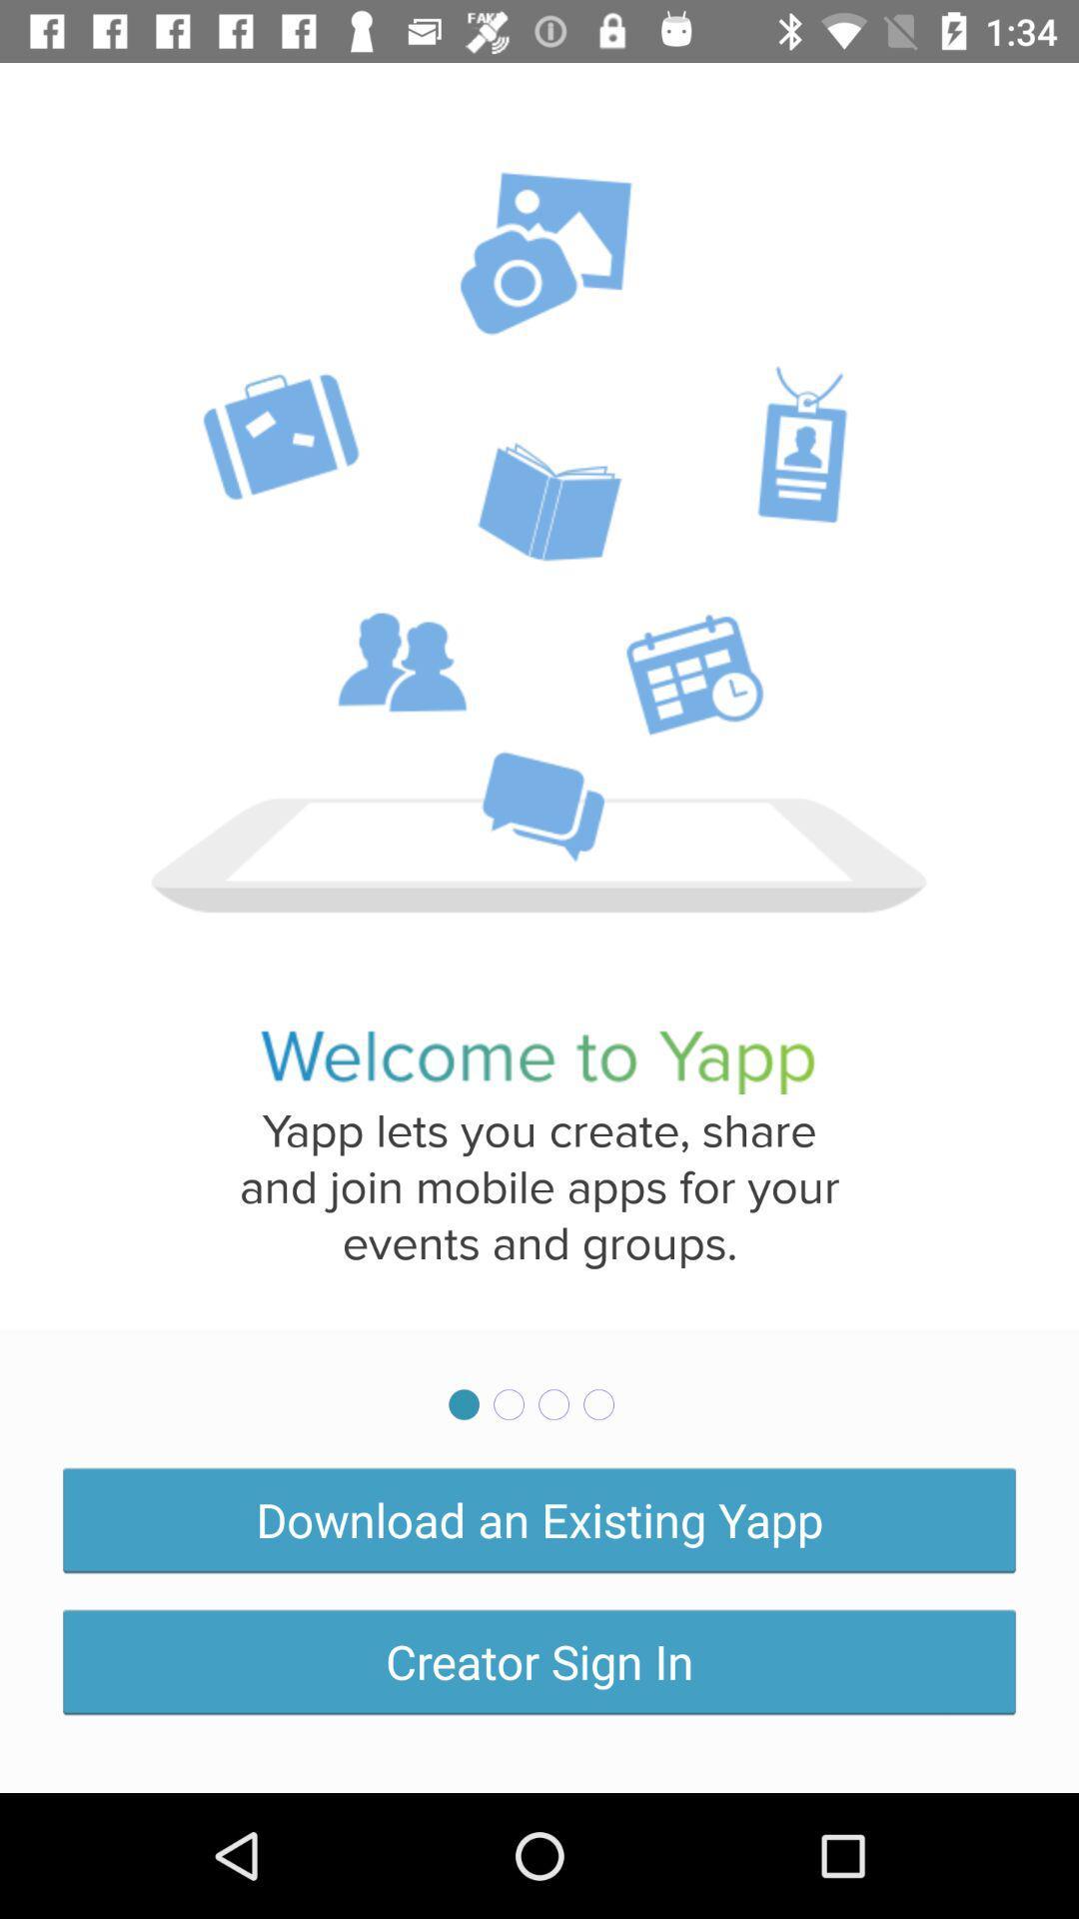  What do you see at coordinates (539, 1661) in the screenshot?
I see `the creator sign in button` at bounding box center [539, 1661].